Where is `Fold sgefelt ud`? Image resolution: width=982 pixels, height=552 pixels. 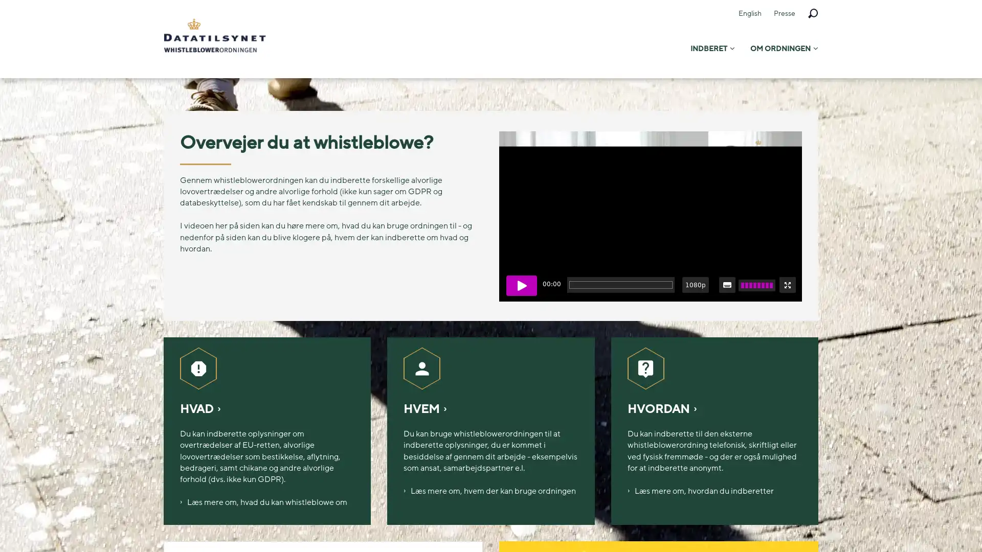
Fold sgefelt ud is located at coordinates (812, 14).